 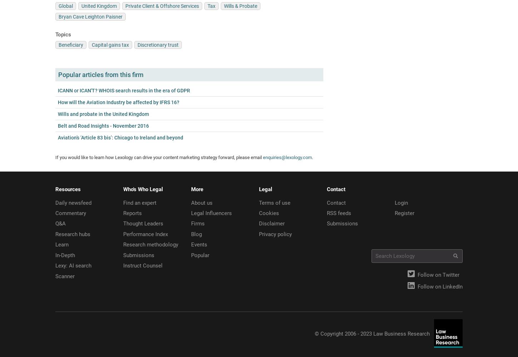 I want to click on 'Wills & Probate', so click(x=240, y=6).